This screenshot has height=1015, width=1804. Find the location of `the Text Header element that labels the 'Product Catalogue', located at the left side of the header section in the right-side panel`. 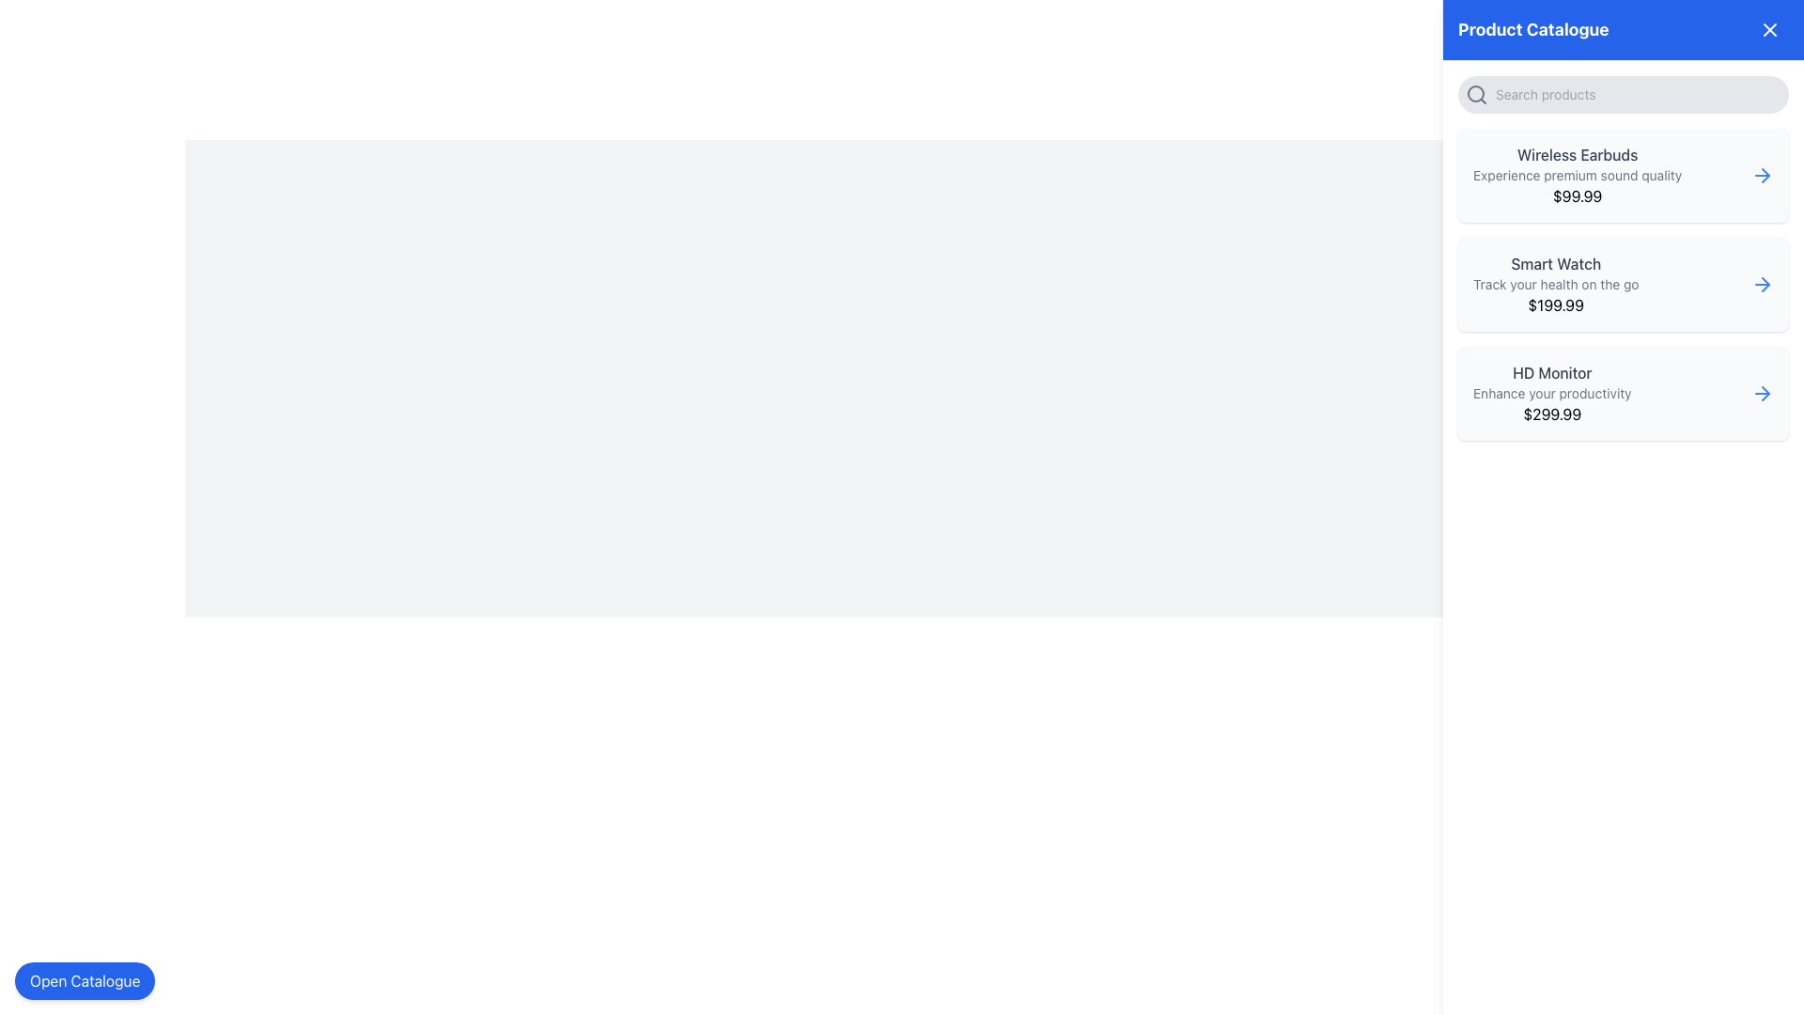

the Text Header element that labels the 'Product Catalogue', located at the left side of the header section in the right-side panel is located at coordinates (1533, 29).